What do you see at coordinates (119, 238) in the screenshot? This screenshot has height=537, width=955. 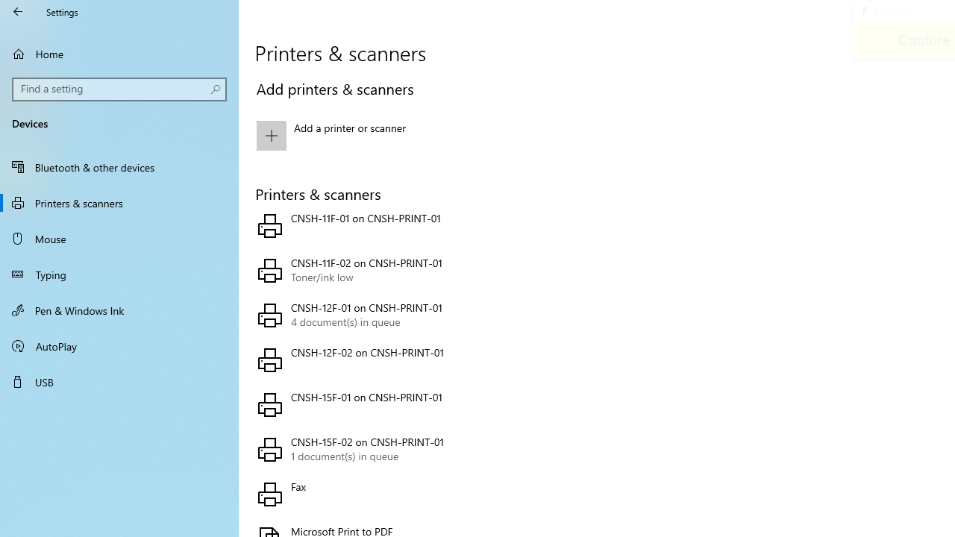 I see `'Mouse'` at bounding box center [119, 238].